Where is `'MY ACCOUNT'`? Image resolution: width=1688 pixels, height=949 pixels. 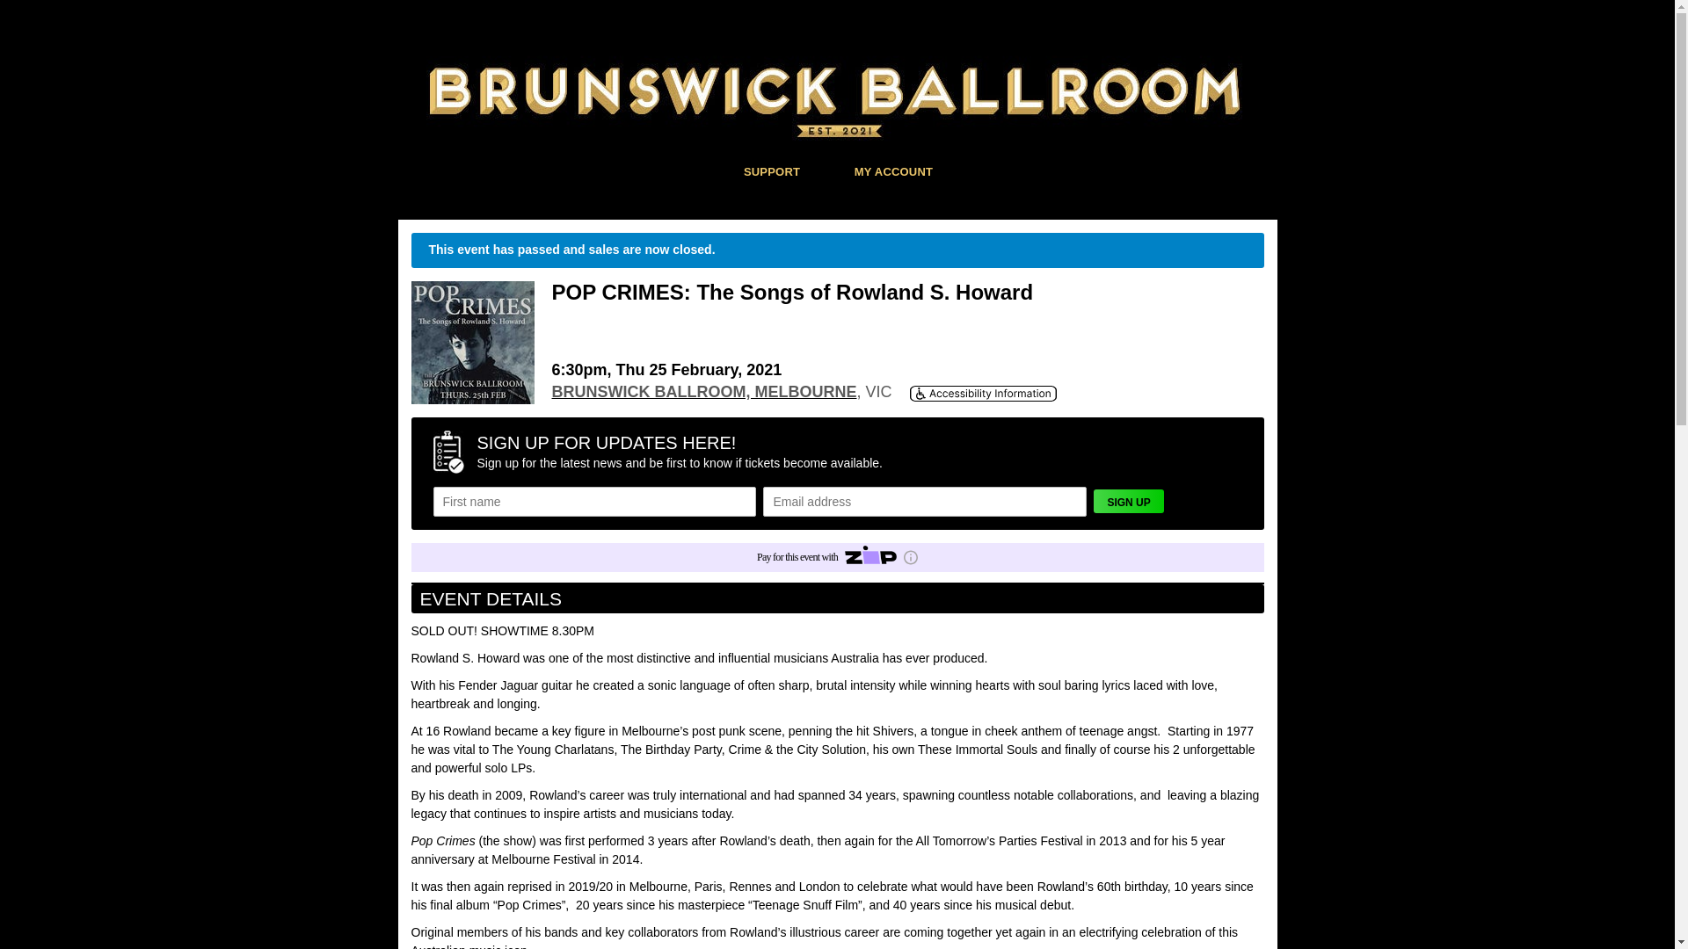 'MY ACCOUNT' is located at coordinates (894, 170).